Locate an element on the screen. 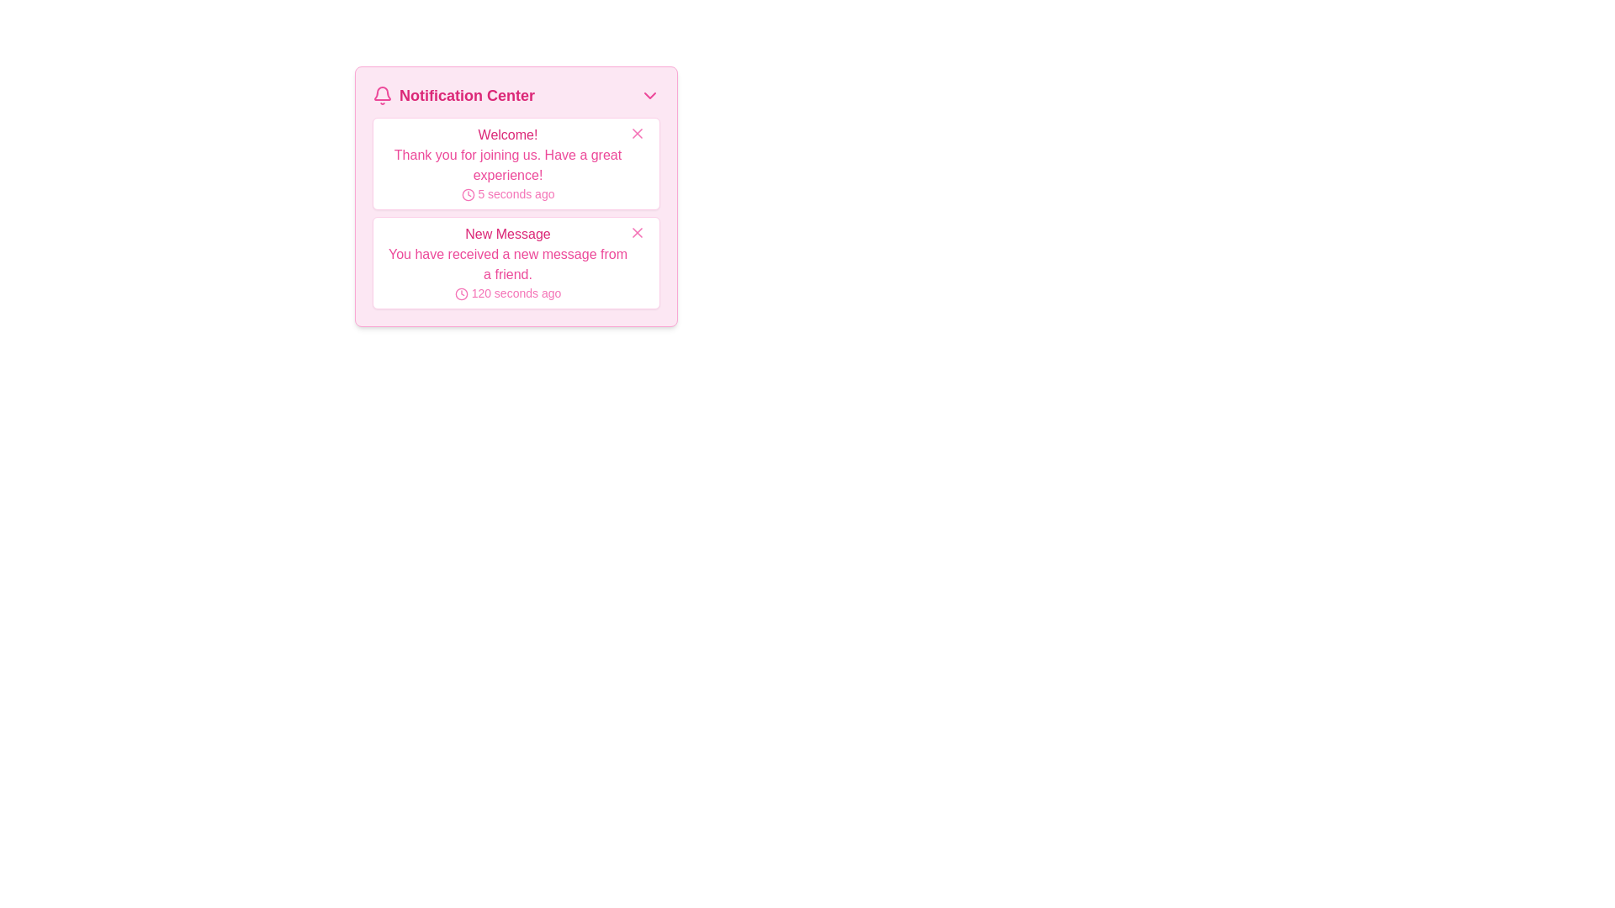 Image resolution: width=1615 pixels, height=908 pixels. the close button in the upper-right corner of the 'New Message' notification card is located at coordinates (637, 233).